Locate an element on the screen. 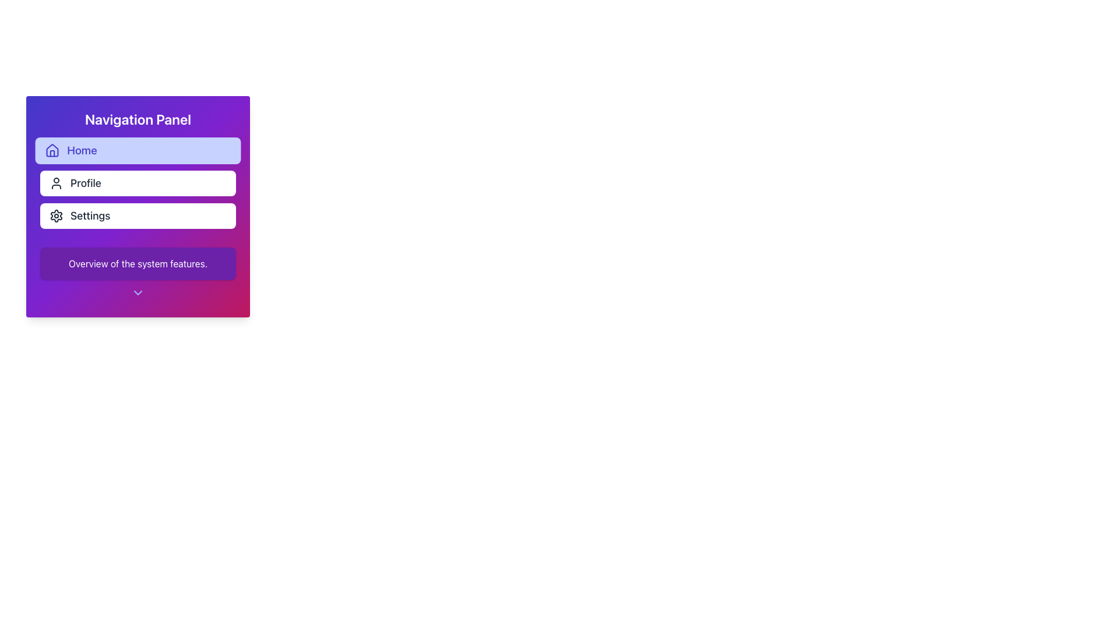 The width and height of the screenshot is (1119, 629). the house icon located in the 'Home' button at the top of the Navigation Panel is located at coordinates (52, 153).